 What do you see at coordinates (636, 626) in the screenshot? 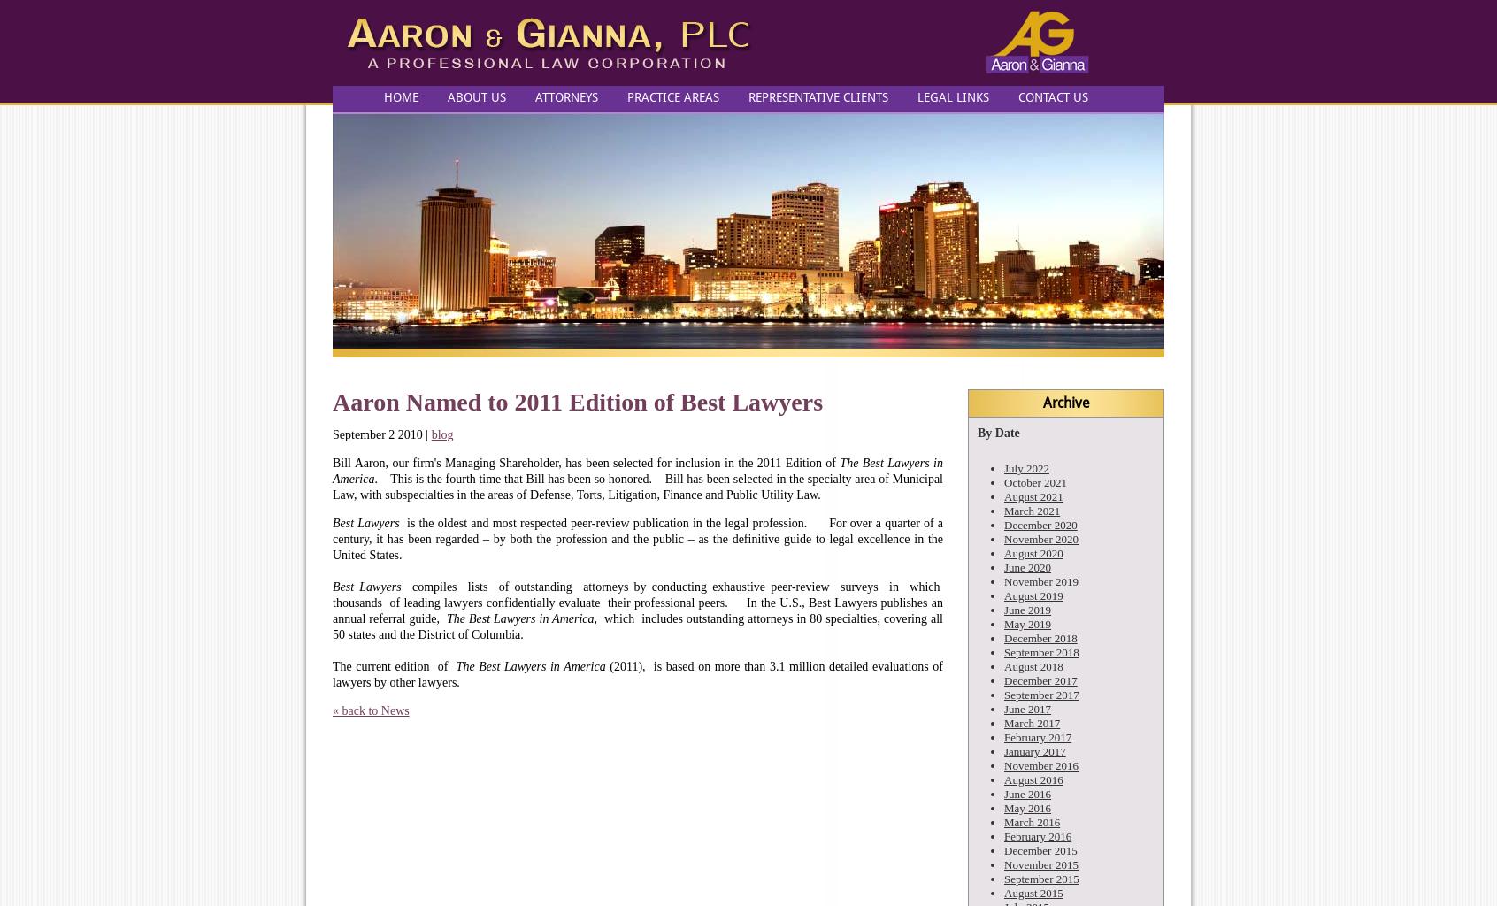
I see `',  which  includes outstanding attorneys in 80 specialties, covering all 50 states and the District of Columbia.'` at bounding box center [636, 626].